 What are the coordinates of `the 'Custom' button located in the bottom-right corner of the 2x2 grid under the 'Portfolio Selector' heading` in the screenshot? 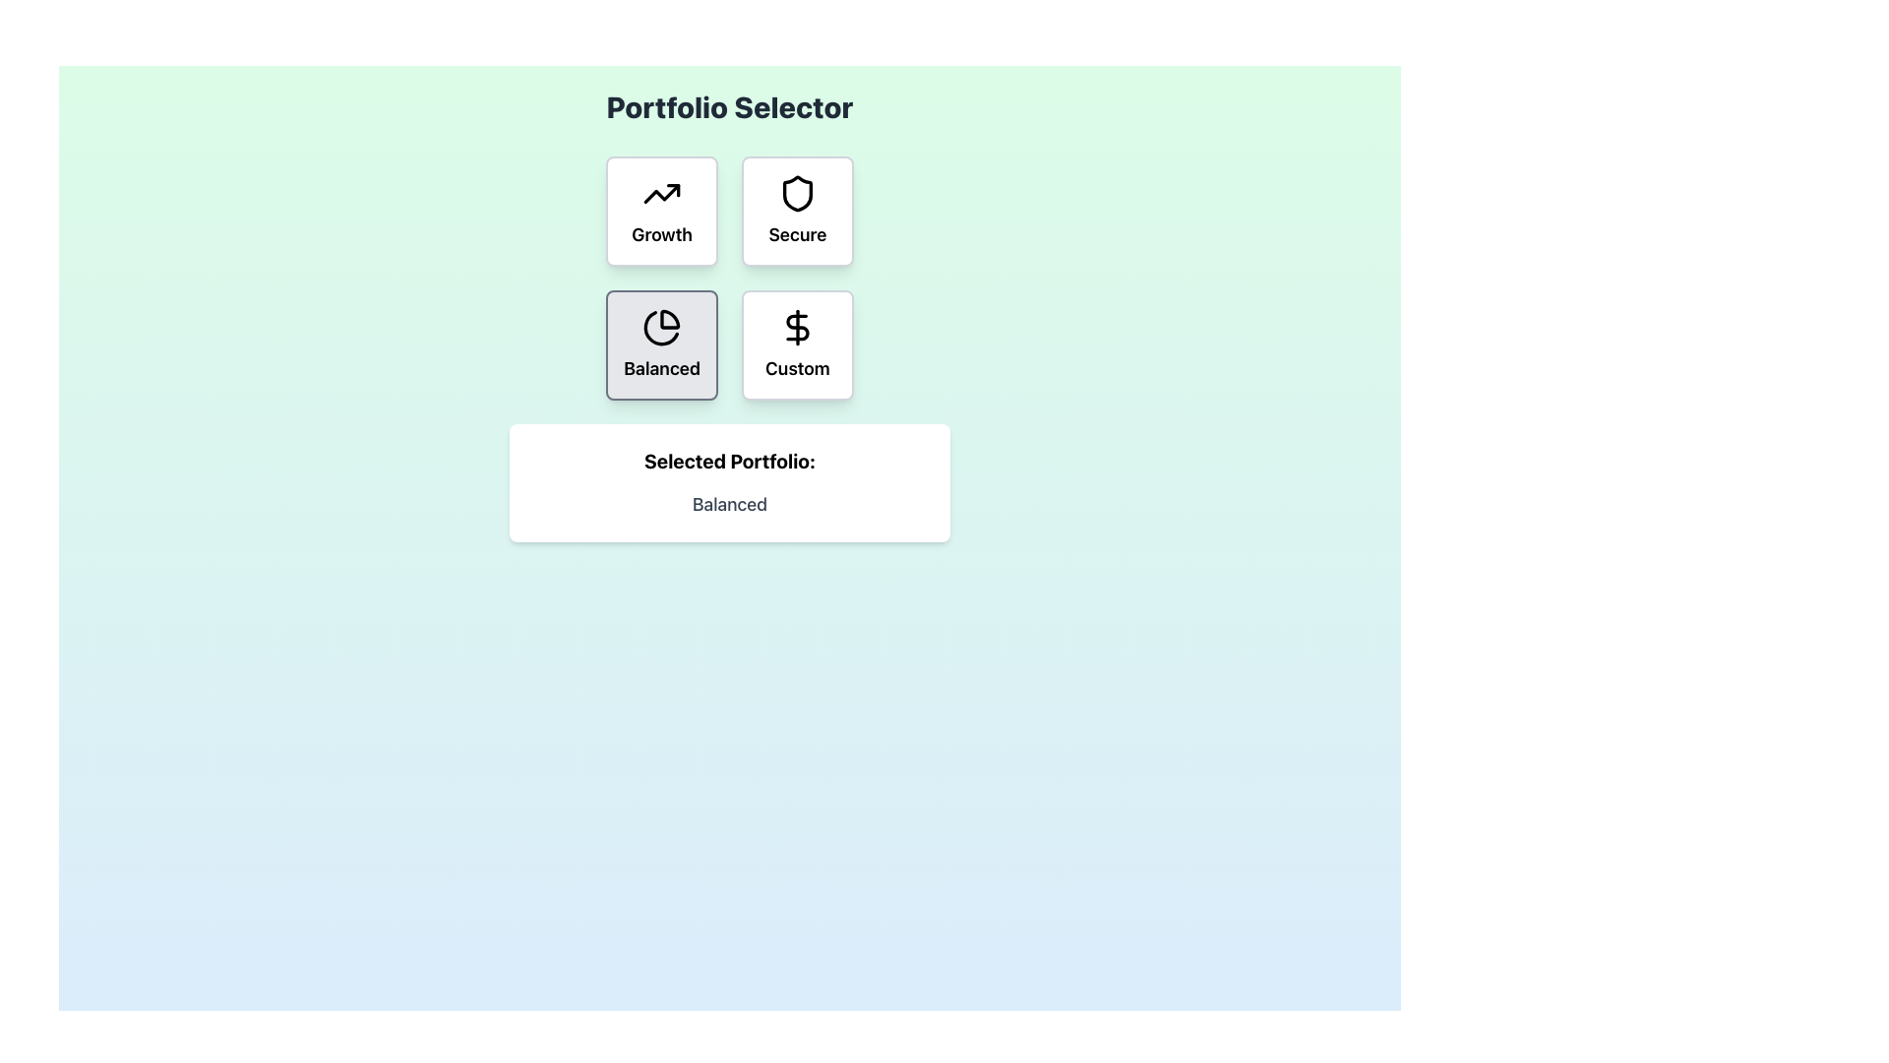 It's located at (797, 344).